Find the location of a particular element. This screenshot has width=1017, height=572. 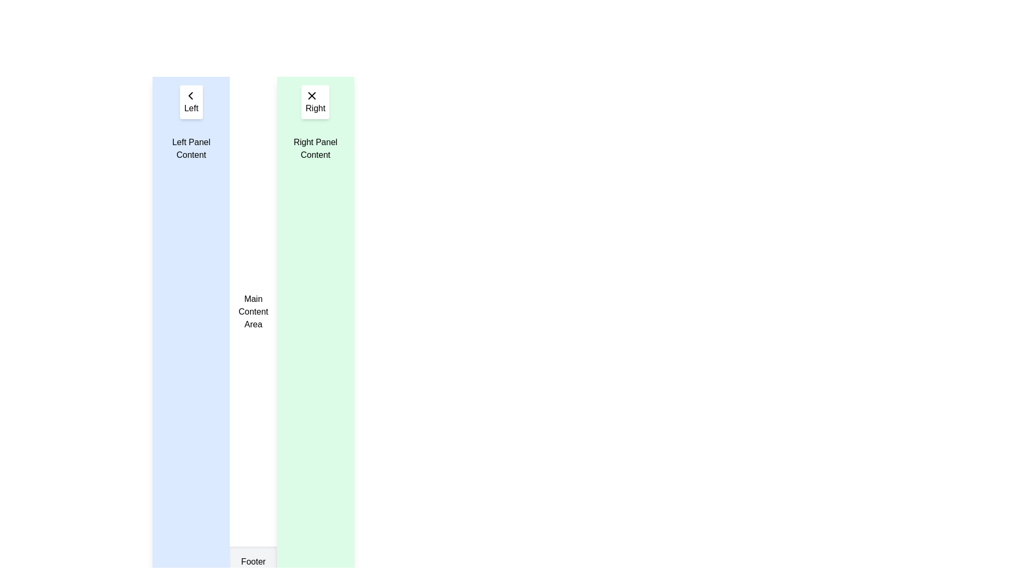

the black 'X' shaped close button located in the upper center of the 'Right Panel Content' green panel is located at coordinates (311, 96).